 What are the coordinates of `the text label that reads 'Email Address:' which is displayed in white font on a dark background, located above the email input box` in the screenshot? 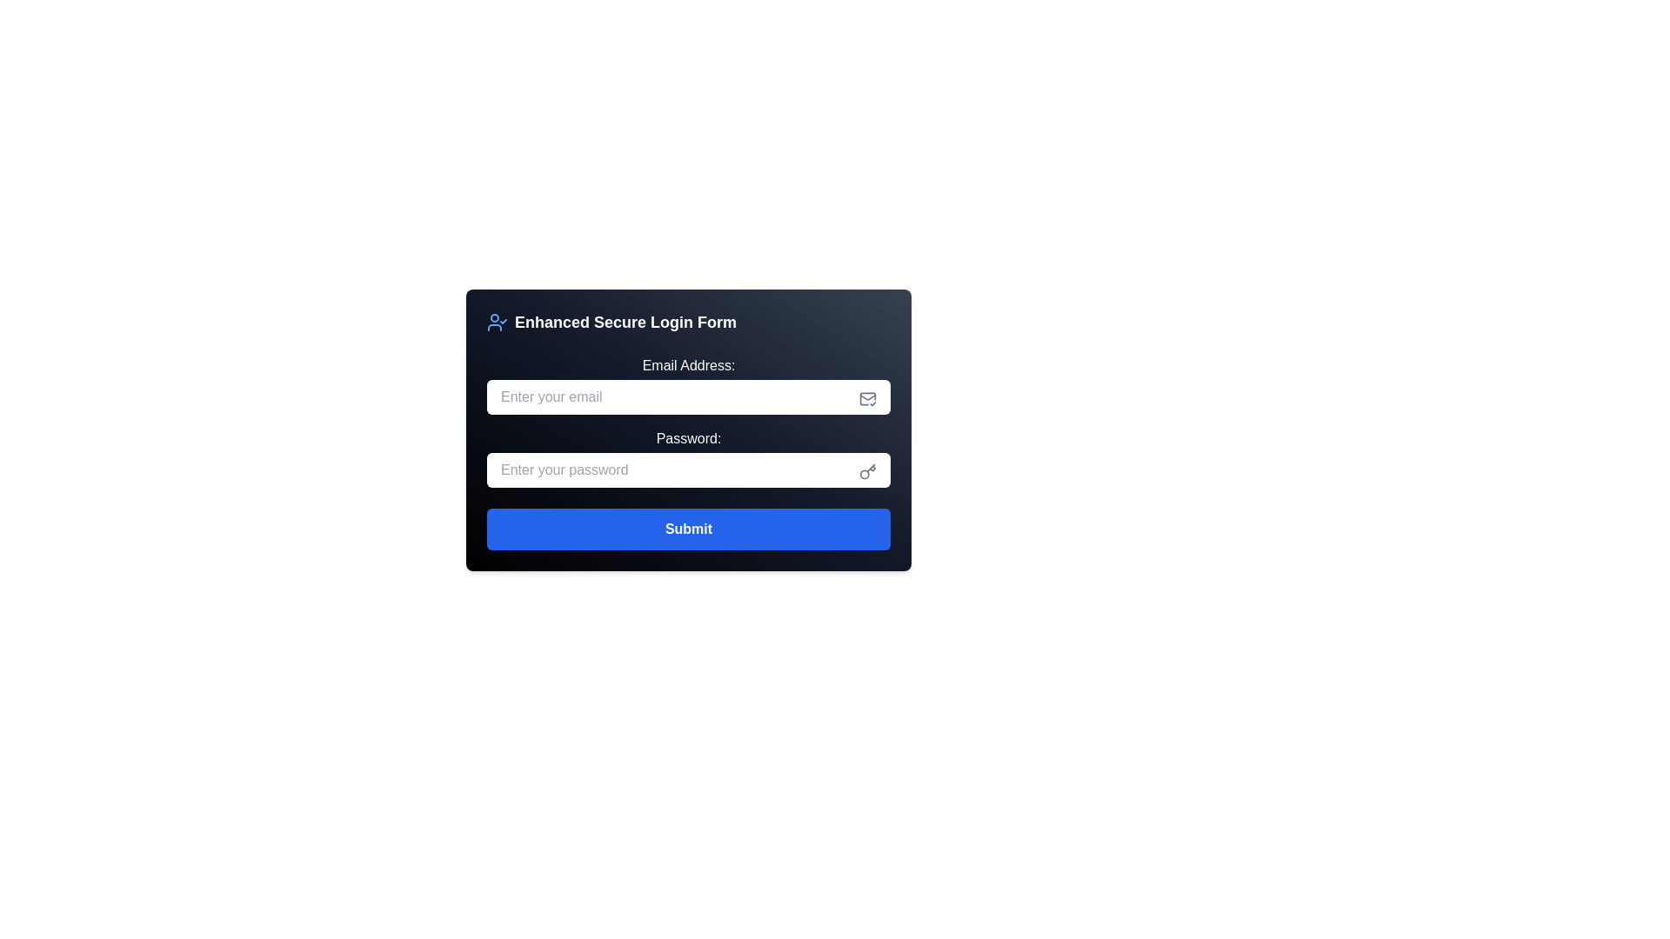 It's located at (688, 364).